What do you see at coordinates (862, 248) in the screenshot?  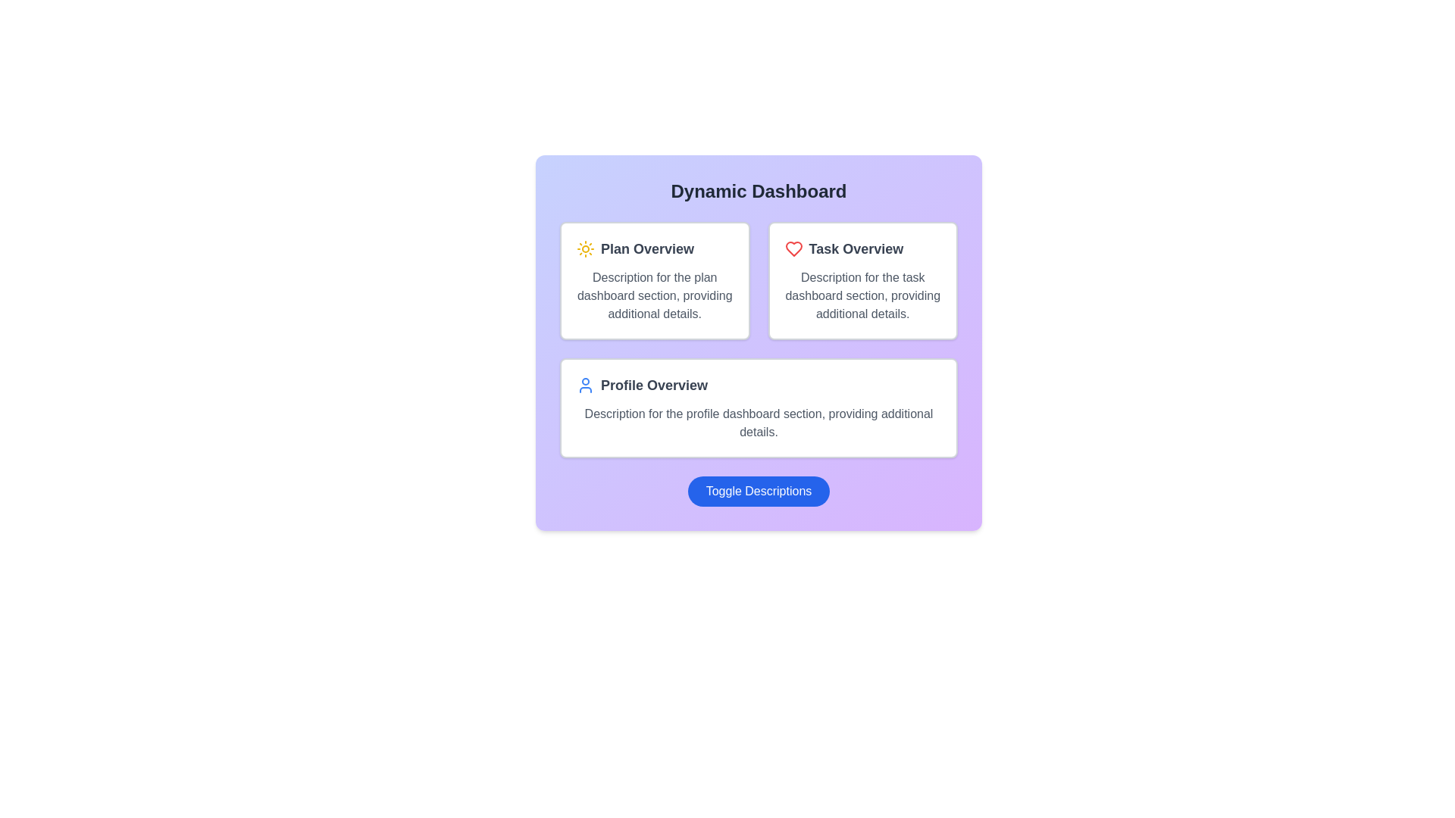 I see `the 'Task Overview' header text located in the upper right rectangle of the summary cards, positioned top center above the descriptive paragraph` at bounding box center [862, 248].